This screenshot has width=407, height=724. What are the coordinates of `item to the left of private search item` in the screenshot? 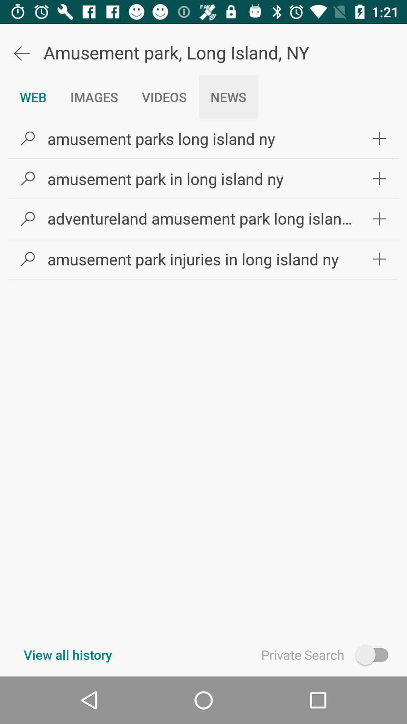 It's located at (68, 654).